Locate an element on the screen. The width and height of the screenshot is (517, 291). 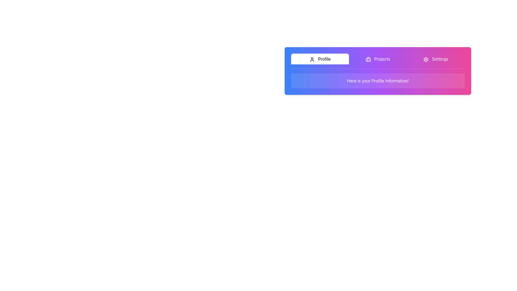
the informational text box located immediately below the tab section that includes 'Profile', 'Projects', and 'Settings' is located at coordinates (378, 81).